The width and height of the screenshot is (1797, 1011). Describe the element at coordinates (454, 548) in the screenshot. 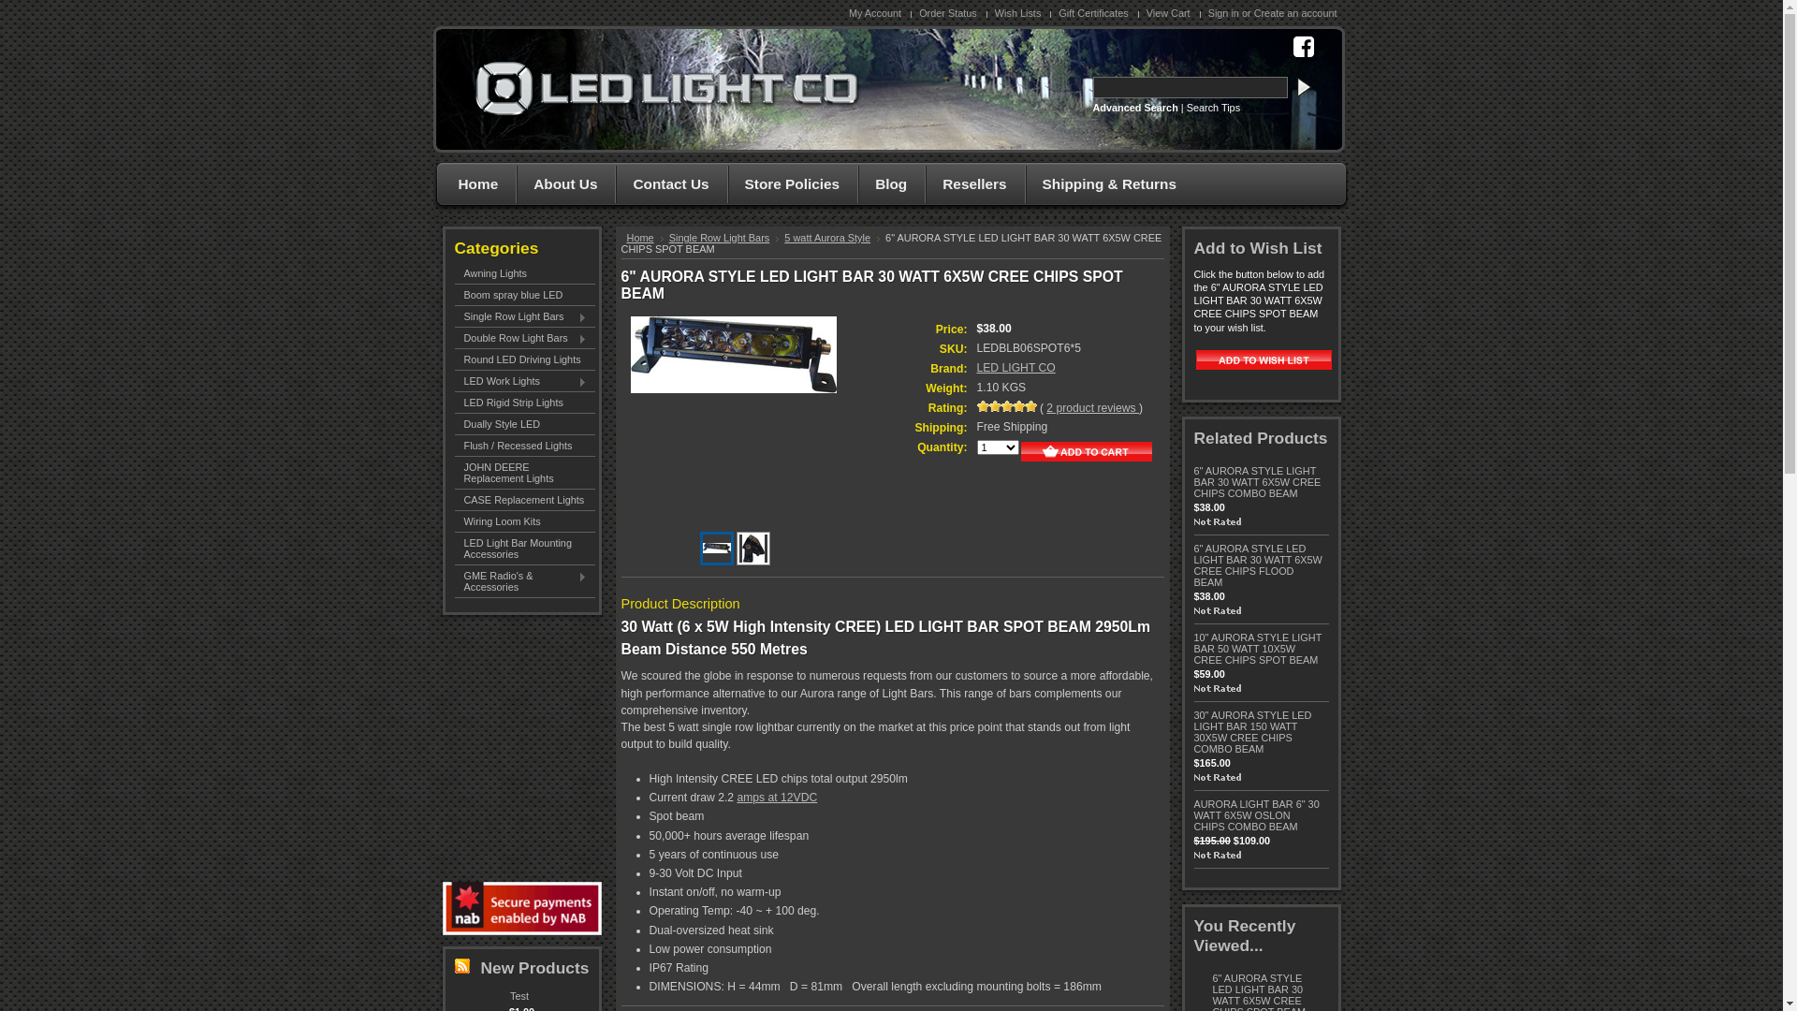

I see `'LED Light Bar Mounting Accessories'` at that location.